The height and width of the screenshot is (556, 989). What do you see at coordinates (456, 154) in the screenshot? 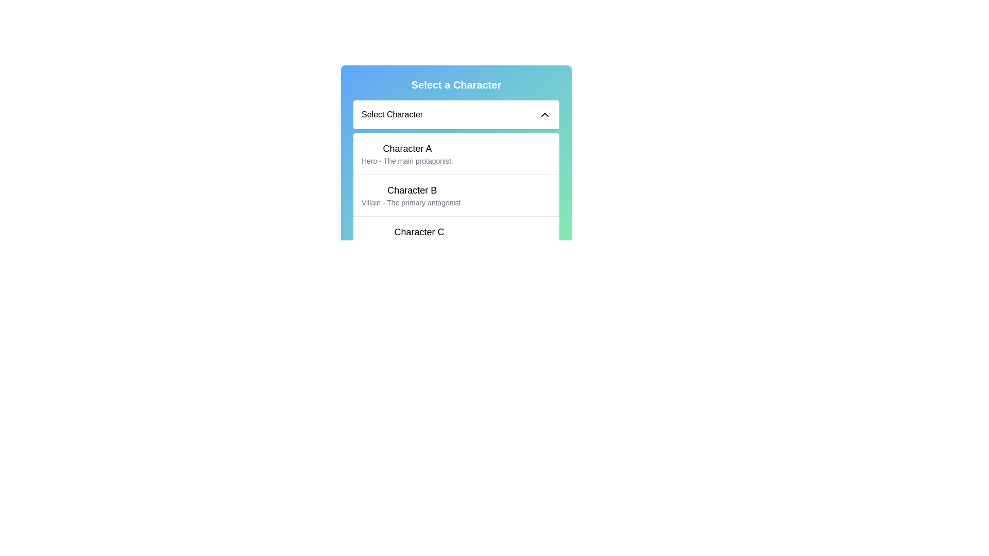
I see `the first selectable option labeled 'Character A' in the dropdown menu` at bounding box center [456, 154].